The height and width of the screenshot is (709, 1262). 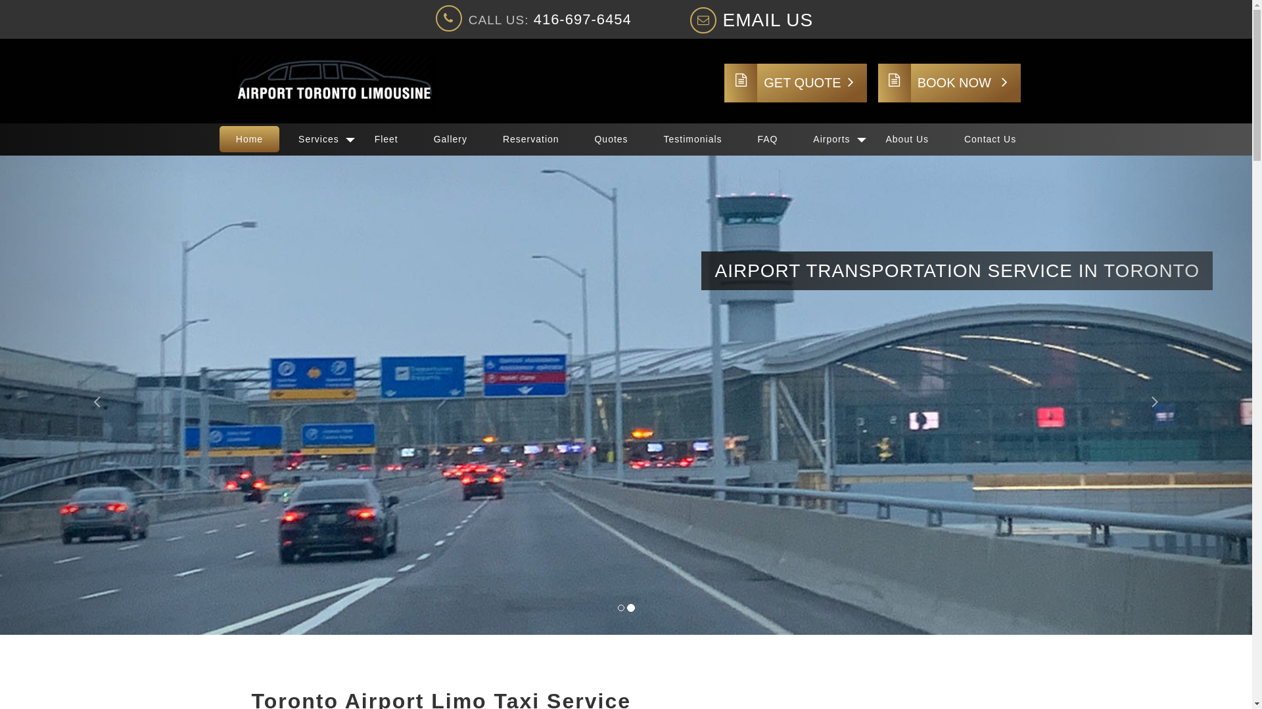 I want to click on 'Airports', so click(x=831, y=139).